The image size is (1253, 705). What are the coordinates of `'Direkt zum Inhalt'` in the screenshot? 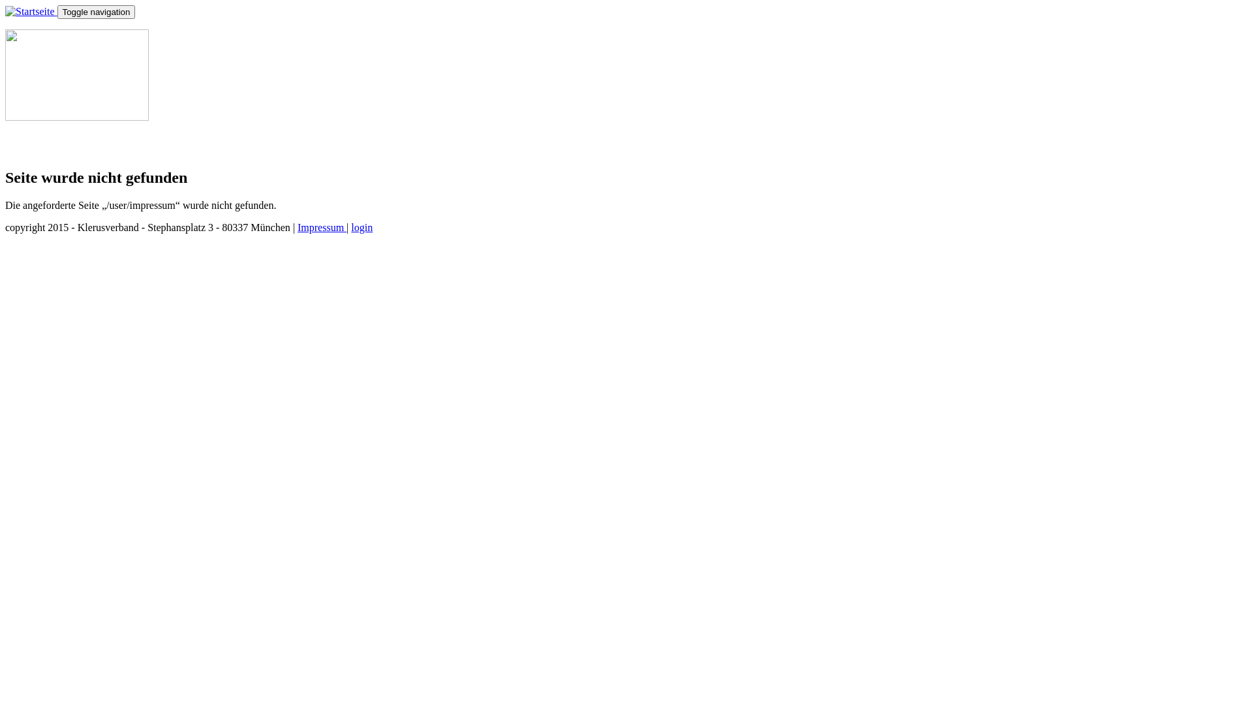 It's located at (42, 5).